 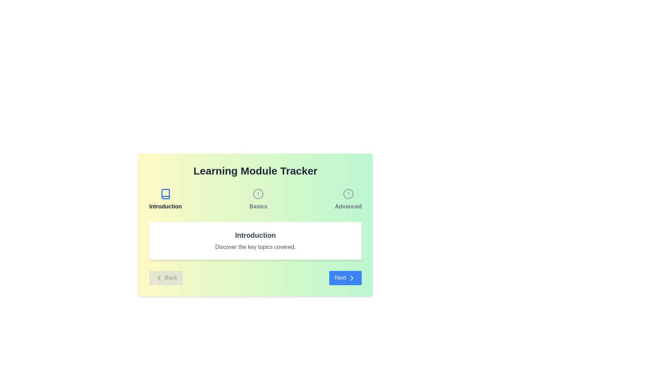 I want to click on text within the Informational Card element that contains the title 'Introduction' and the subtitle 'Discover the key topics covered.', so click(x=255, y=241).